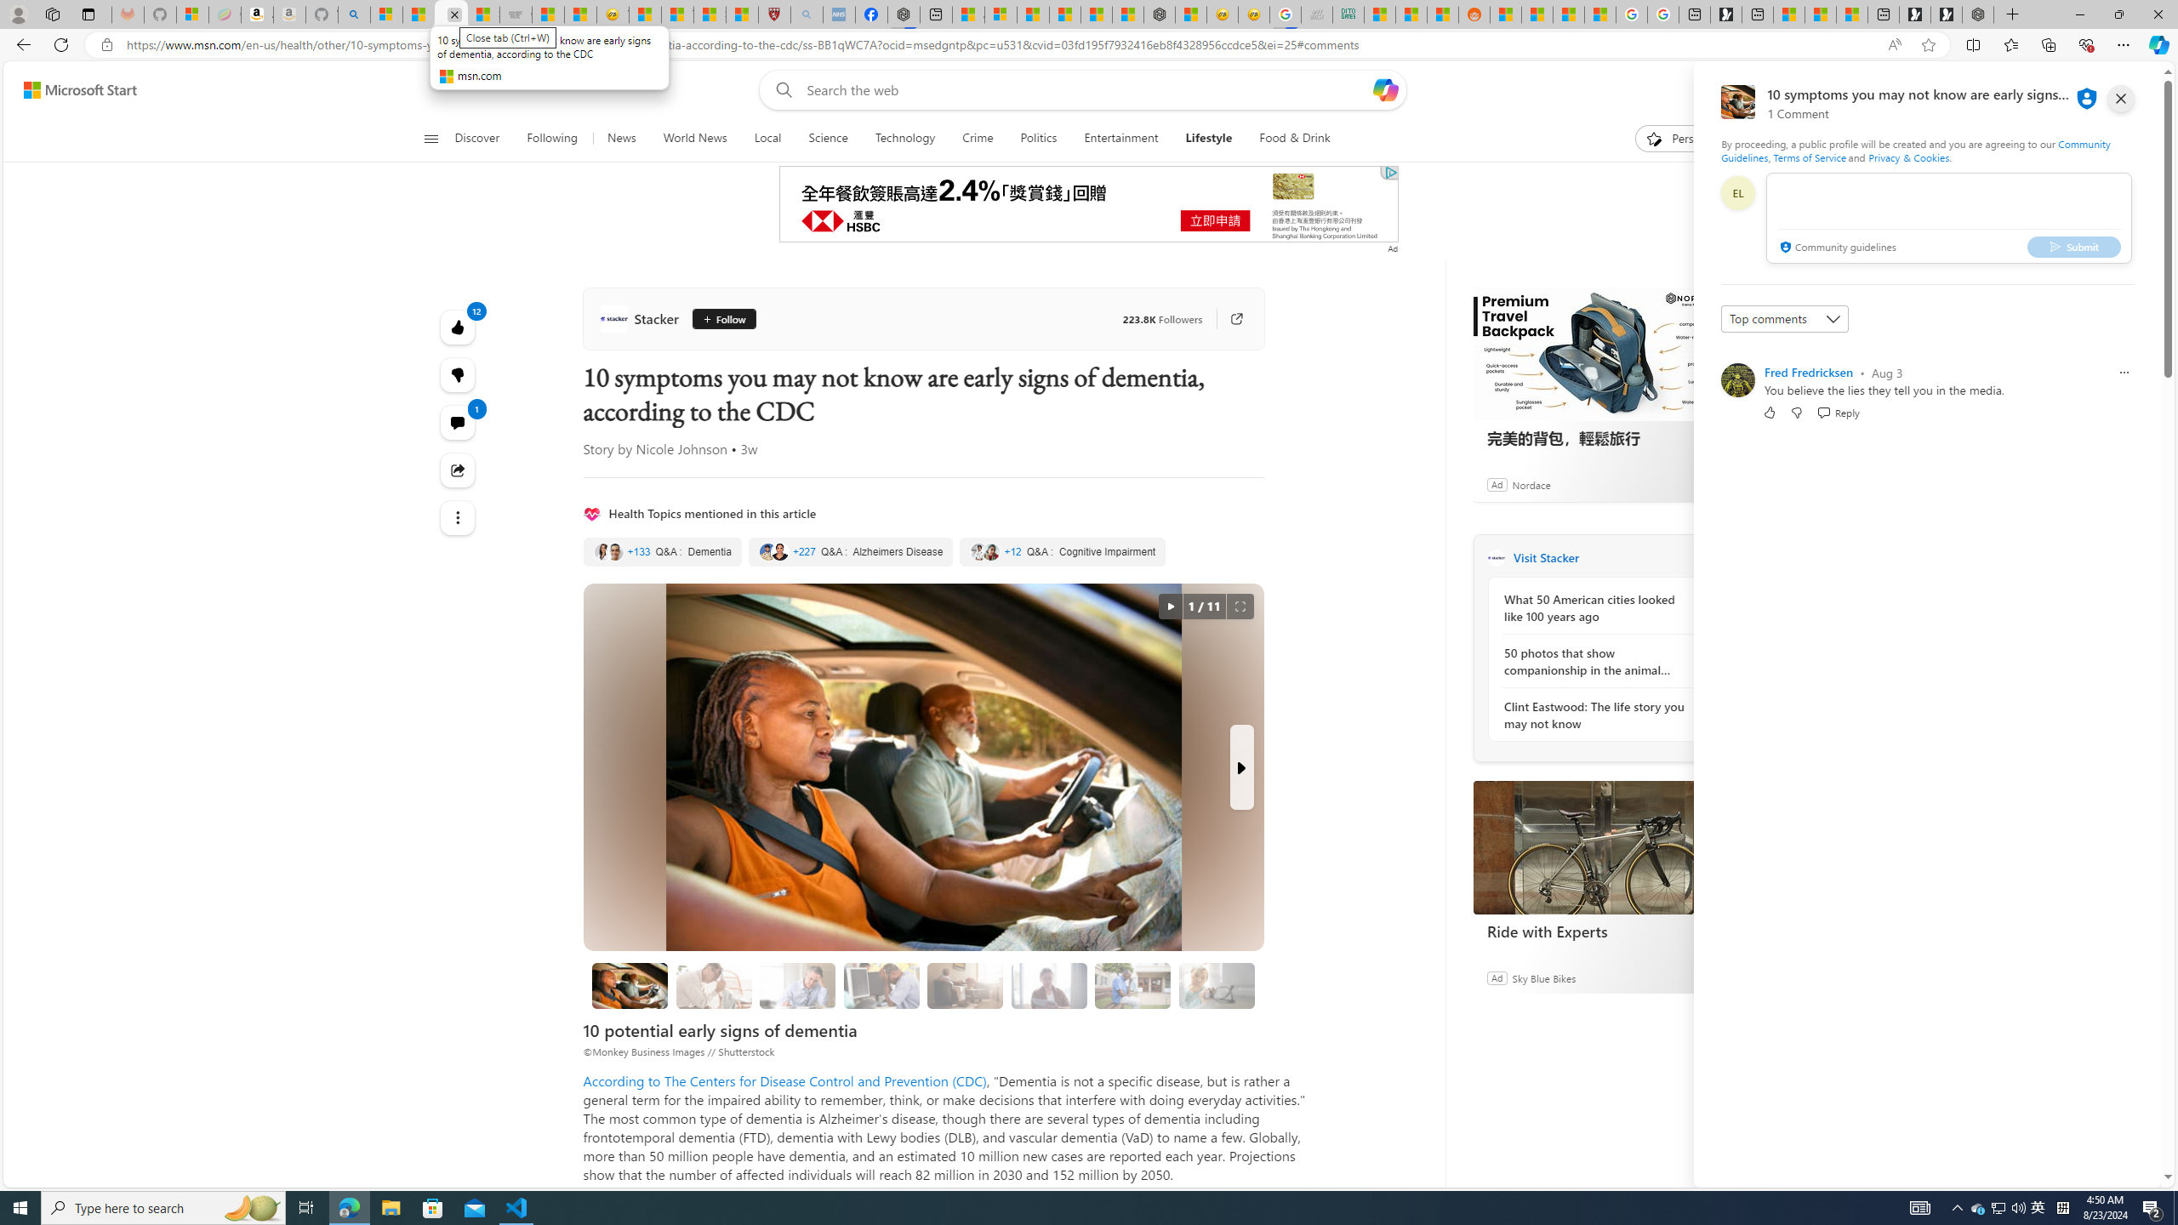  Describe the element at coordinates (1737, 380) in the screenshot. I see `'Profile Picture'` at that location.